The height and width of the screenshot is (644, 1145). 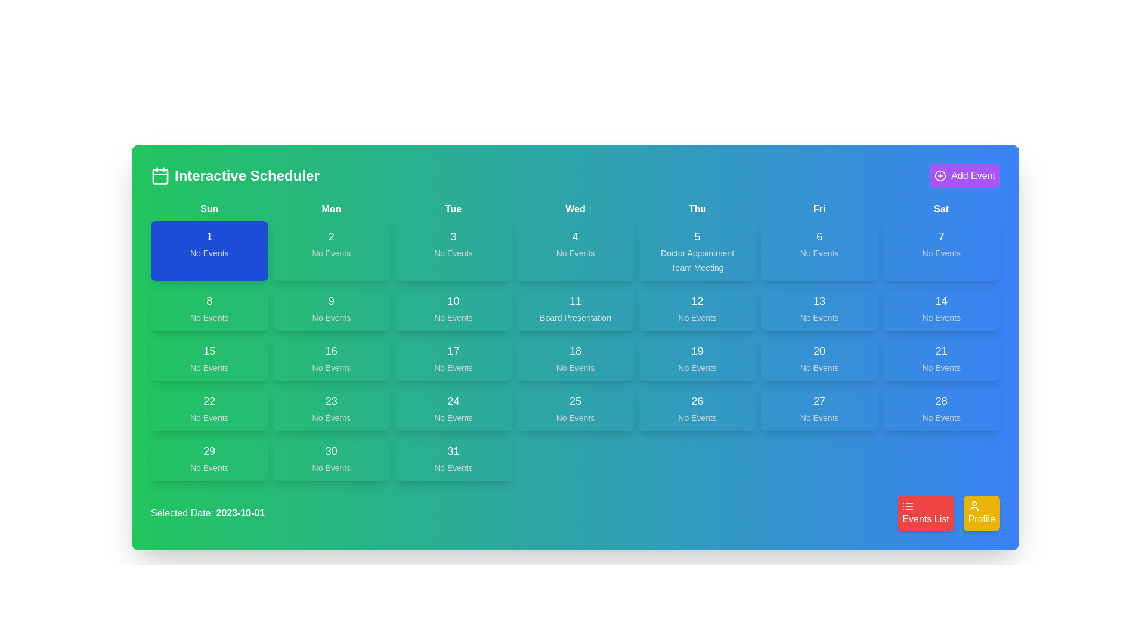 I want to click on the Text Label displaying 'No Events' located at the bottom segment of the box for the date '14' in the calendar grid, specifically in the column labeled 'Sat', so click(x=940, y=317).